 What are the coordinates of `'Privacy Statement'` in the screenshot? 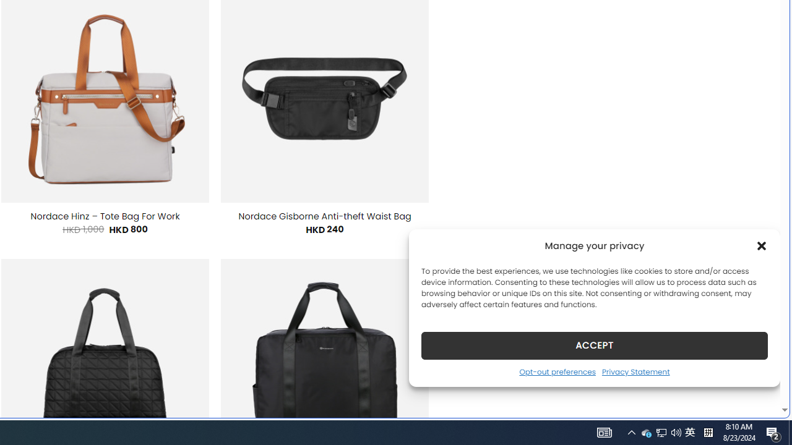 It's located at (635, 371).